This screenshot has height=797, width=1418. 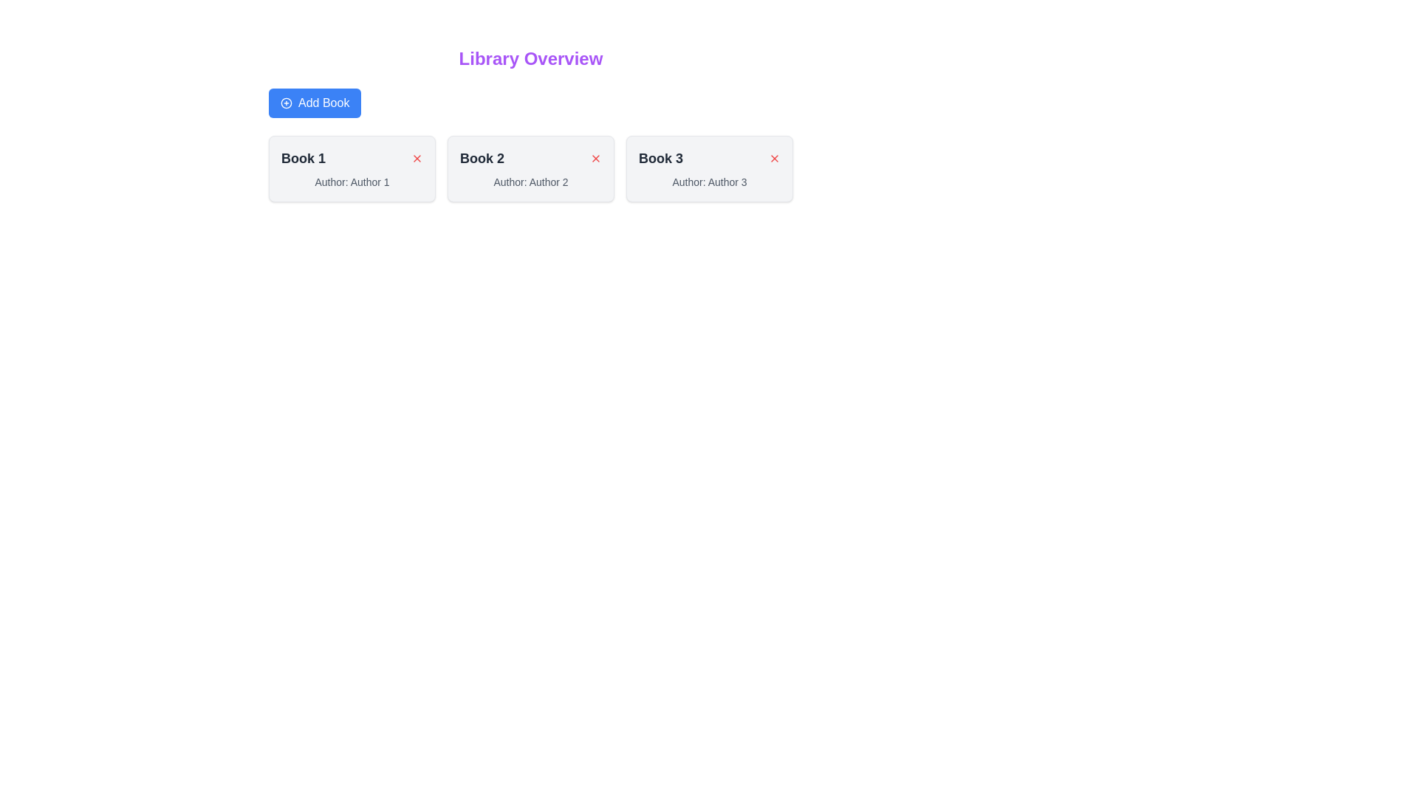 I want to click on the 'Add New Book' button located beneath the 'Library Overview' title, so click(x=314, y=102).